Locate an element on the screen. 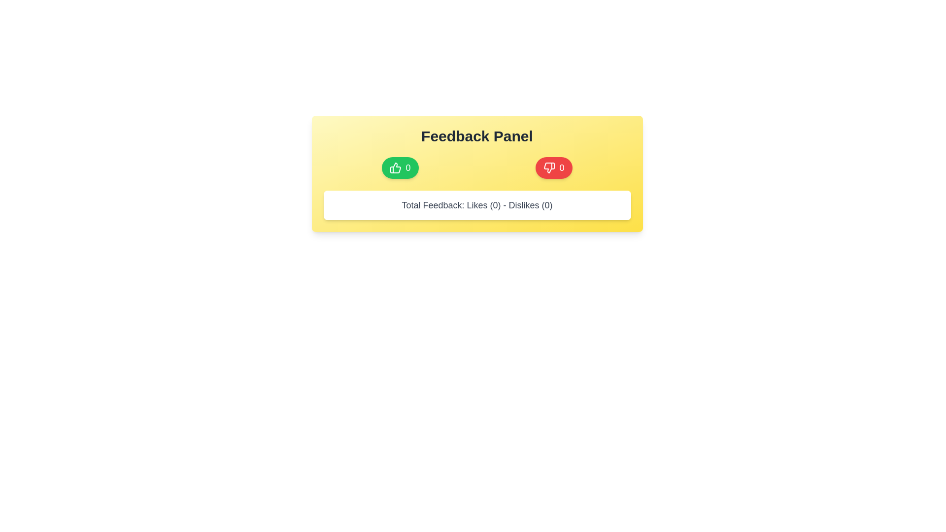 The width and height of the screenshot is (946, 532). the larger graphical thumbs-up icon with a green background in the Feedback Panel is located at coordinates (396, 167).